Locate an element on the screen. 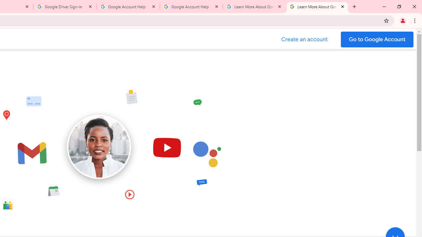  'Google Drive: Sign-in' is located at coordinates (65, 7).